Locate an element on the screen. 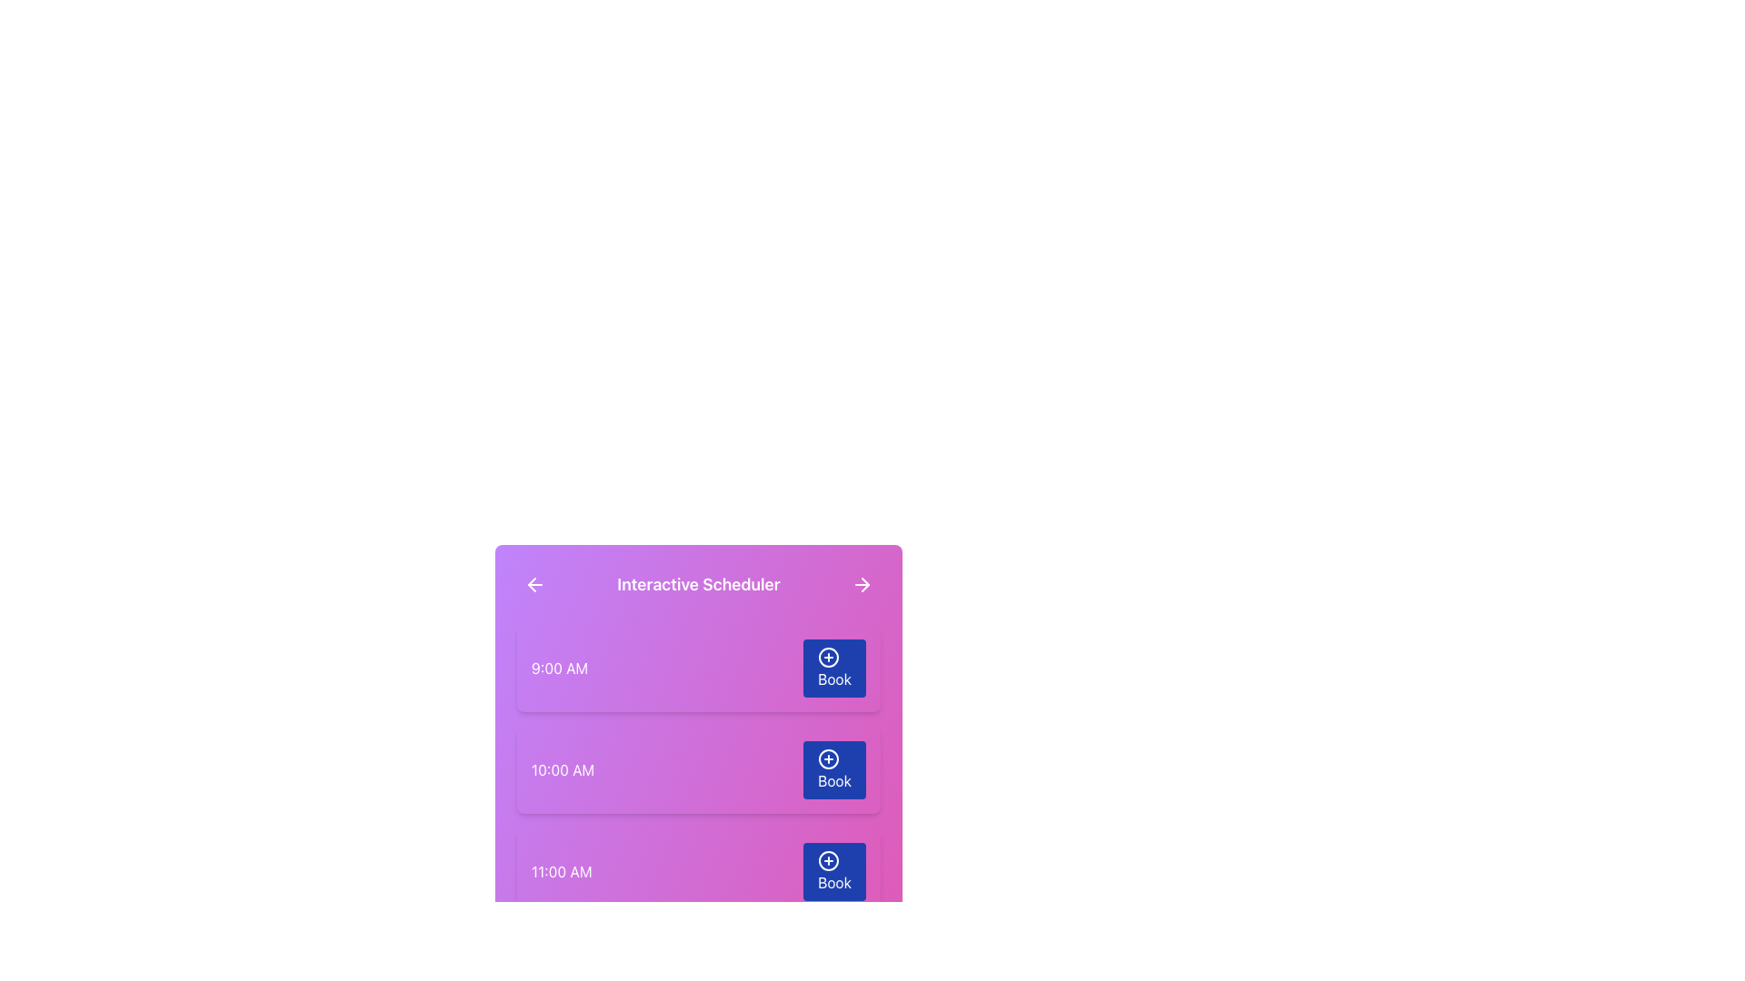 Image resolution: width=1745 pixels, height=981 pixels. the prominent blue button labeled 'Book' with a plus icon to observe its hover effect is located at coordinates (833, 669).